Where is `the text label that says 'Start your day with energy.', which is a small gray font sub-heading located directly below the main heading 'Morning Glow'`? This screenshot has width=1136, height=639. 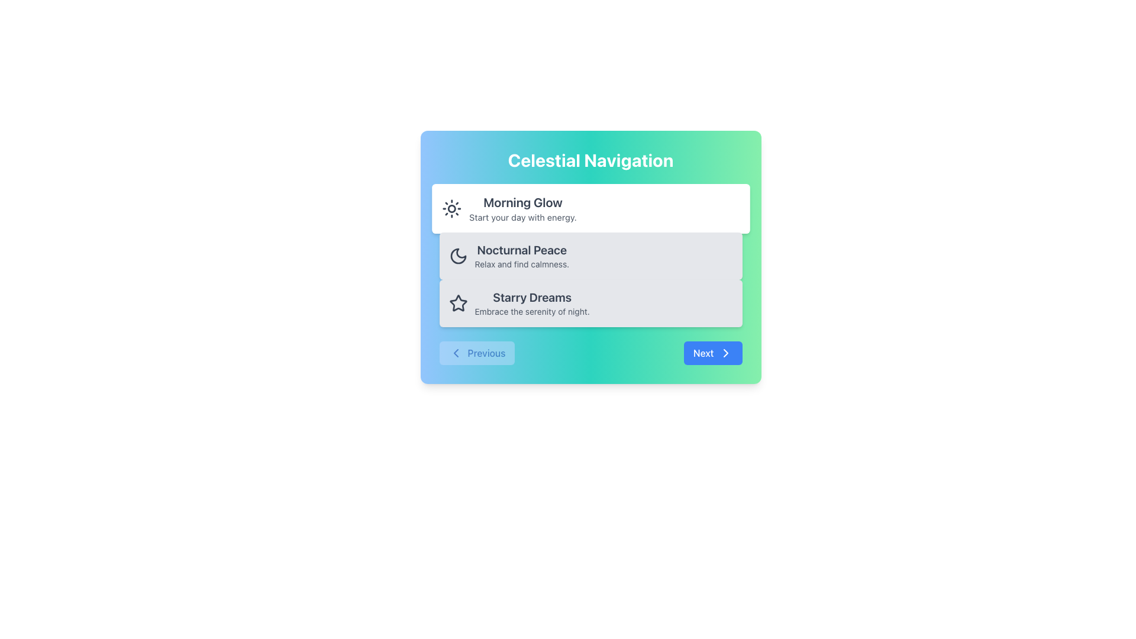
the text label that says 'Start your day with energy.', which is a small gray font sub-heading located directly below the main heading 'Morning Glow' is located at coordinates (522, 217).